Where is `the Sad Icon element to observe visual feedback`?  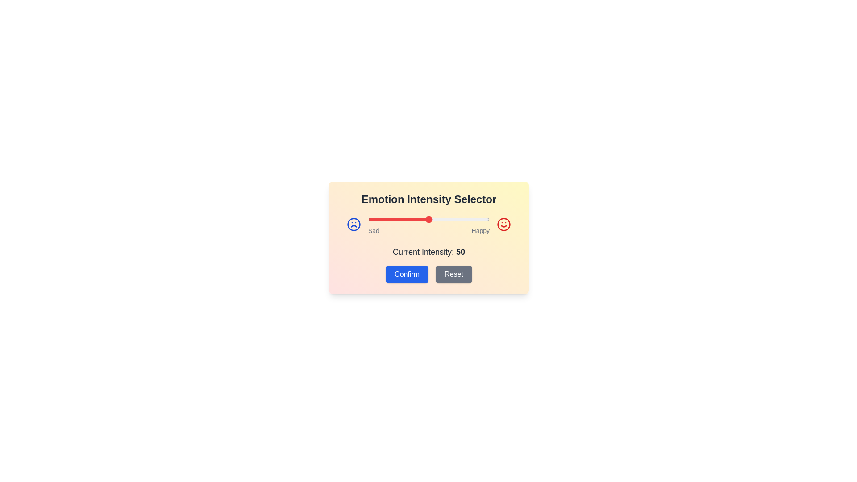 the Sad Icon element to observe visual feedback is located at coordinates (353, 224).